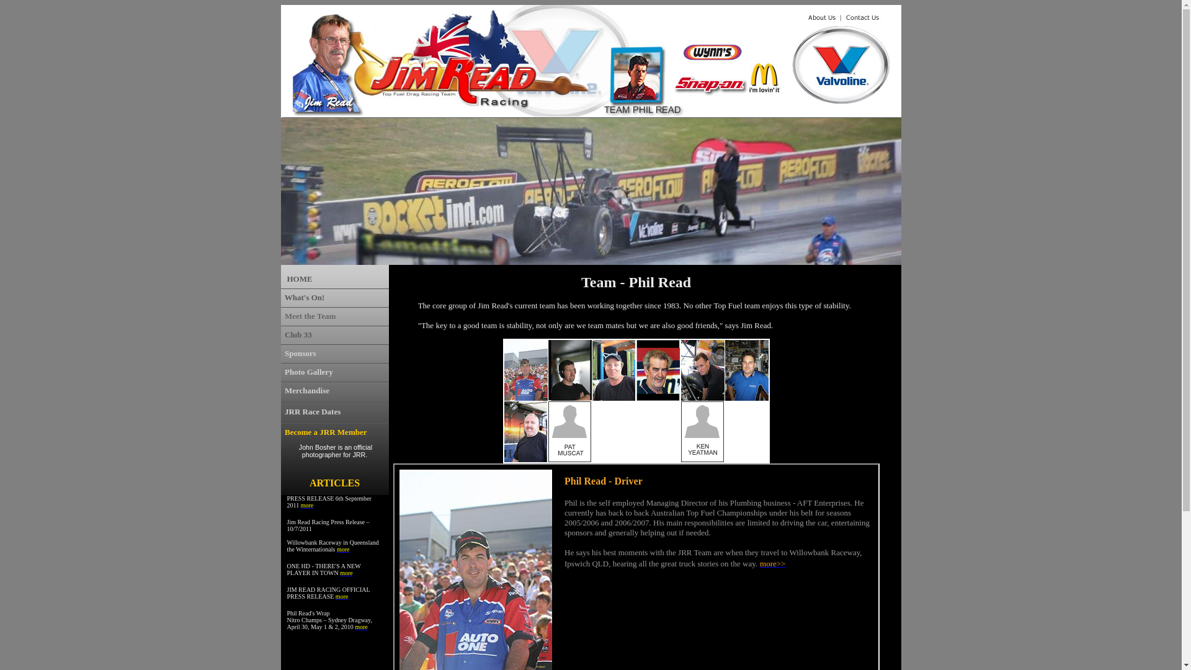  Describe the element at coordinates (282, 371) in the screenshot. I see `' '` at that location.